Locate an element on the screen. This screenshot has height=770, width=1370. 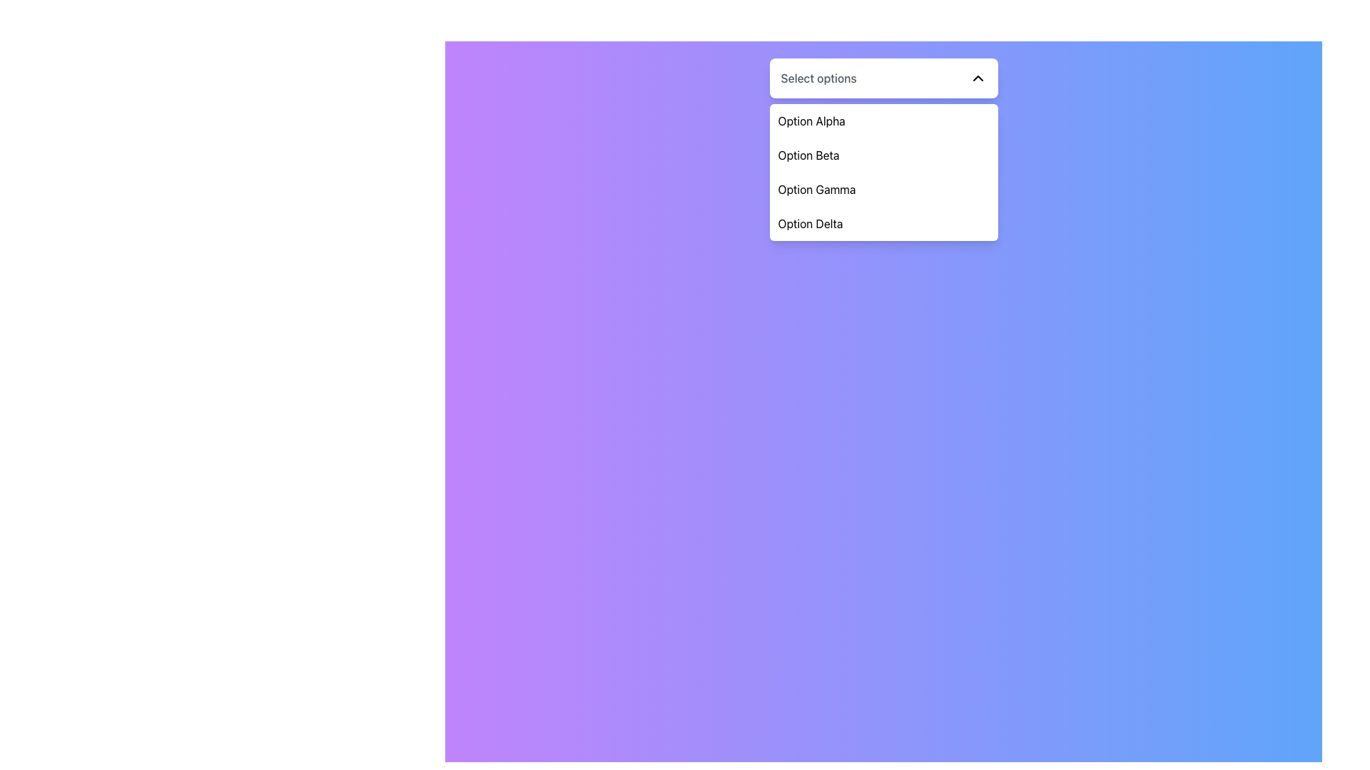
the dropdown menu toggle button labeled 'Select options' is located at coordinates (883, 78).